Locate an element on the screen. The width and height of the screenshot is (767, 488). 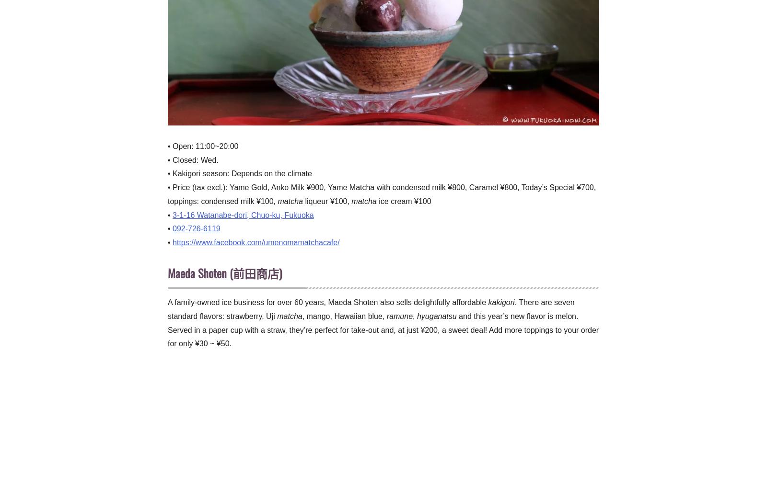
',' is located at coordinates (414, 315).